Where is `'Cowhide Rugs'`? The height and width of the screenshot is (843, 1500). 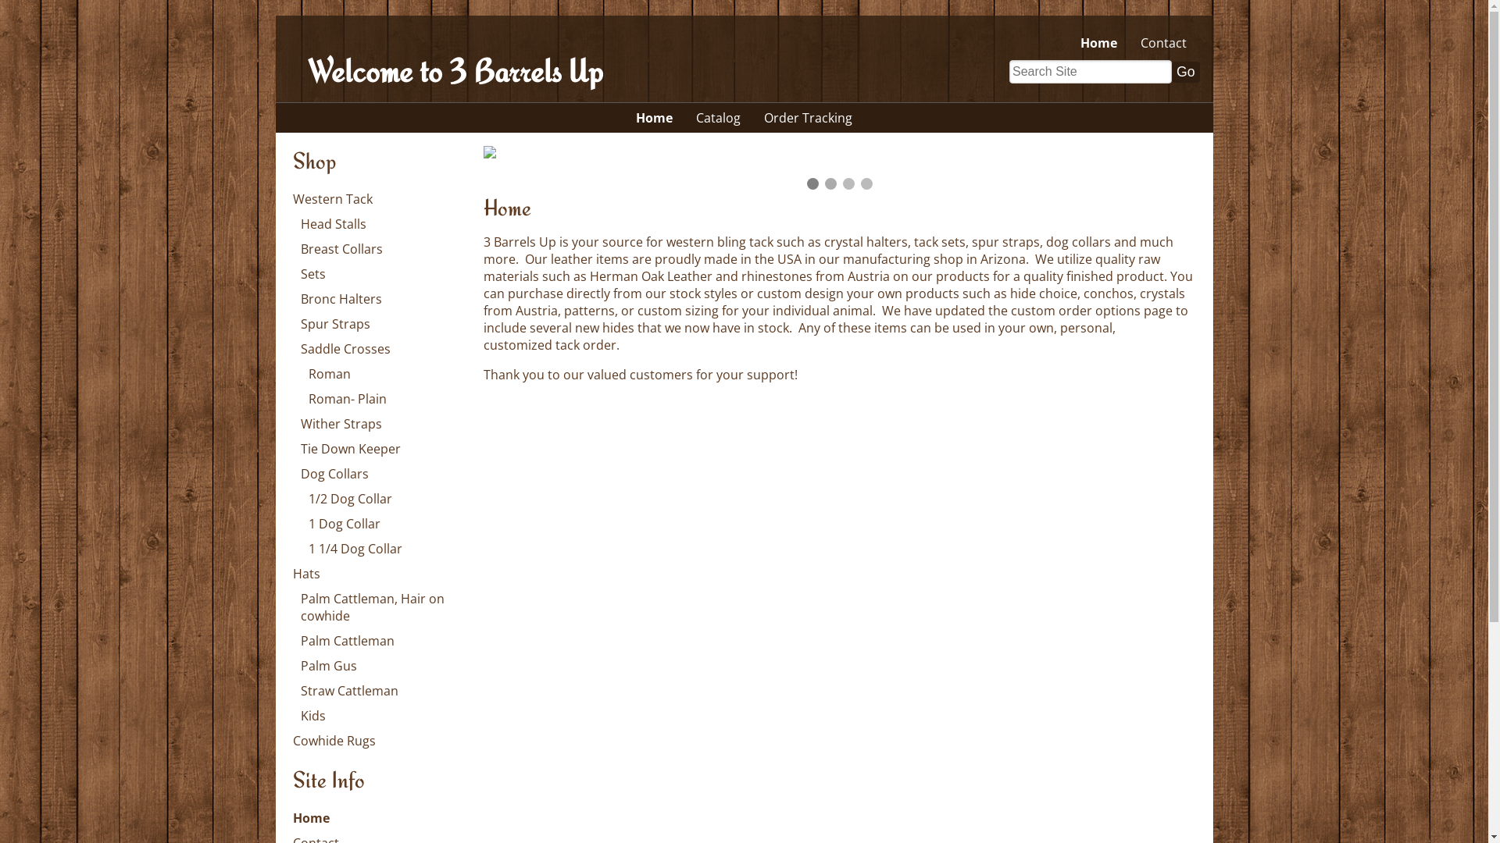
'Cowhide Rugs' is located at coordinates (333, 739).